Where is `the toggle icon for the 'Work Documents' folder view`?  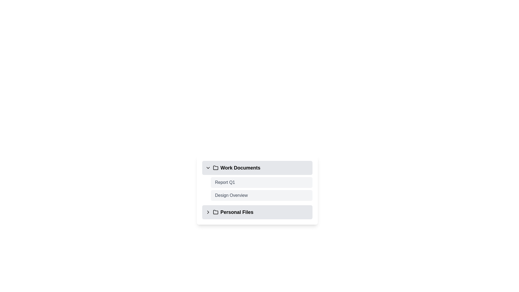 the toggle icon for the 'Work Documents' folder view is located at coordinates (208, 168).